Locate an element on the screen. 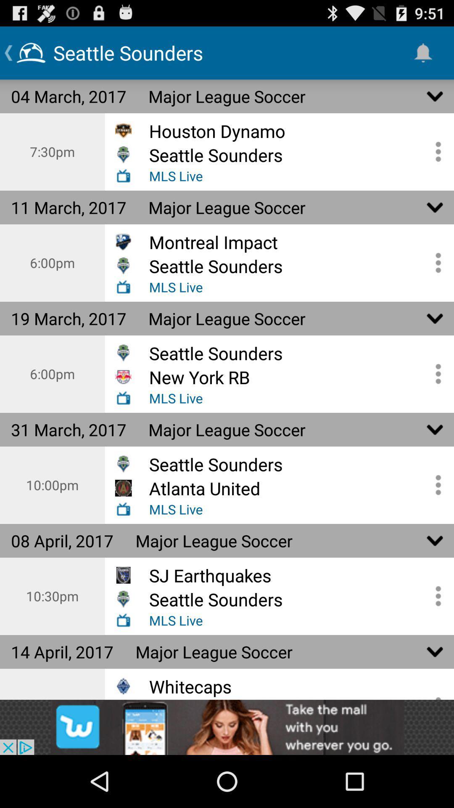 The height and width of the screenshot is (808, 454). open details is located at coordinates (435, 373).